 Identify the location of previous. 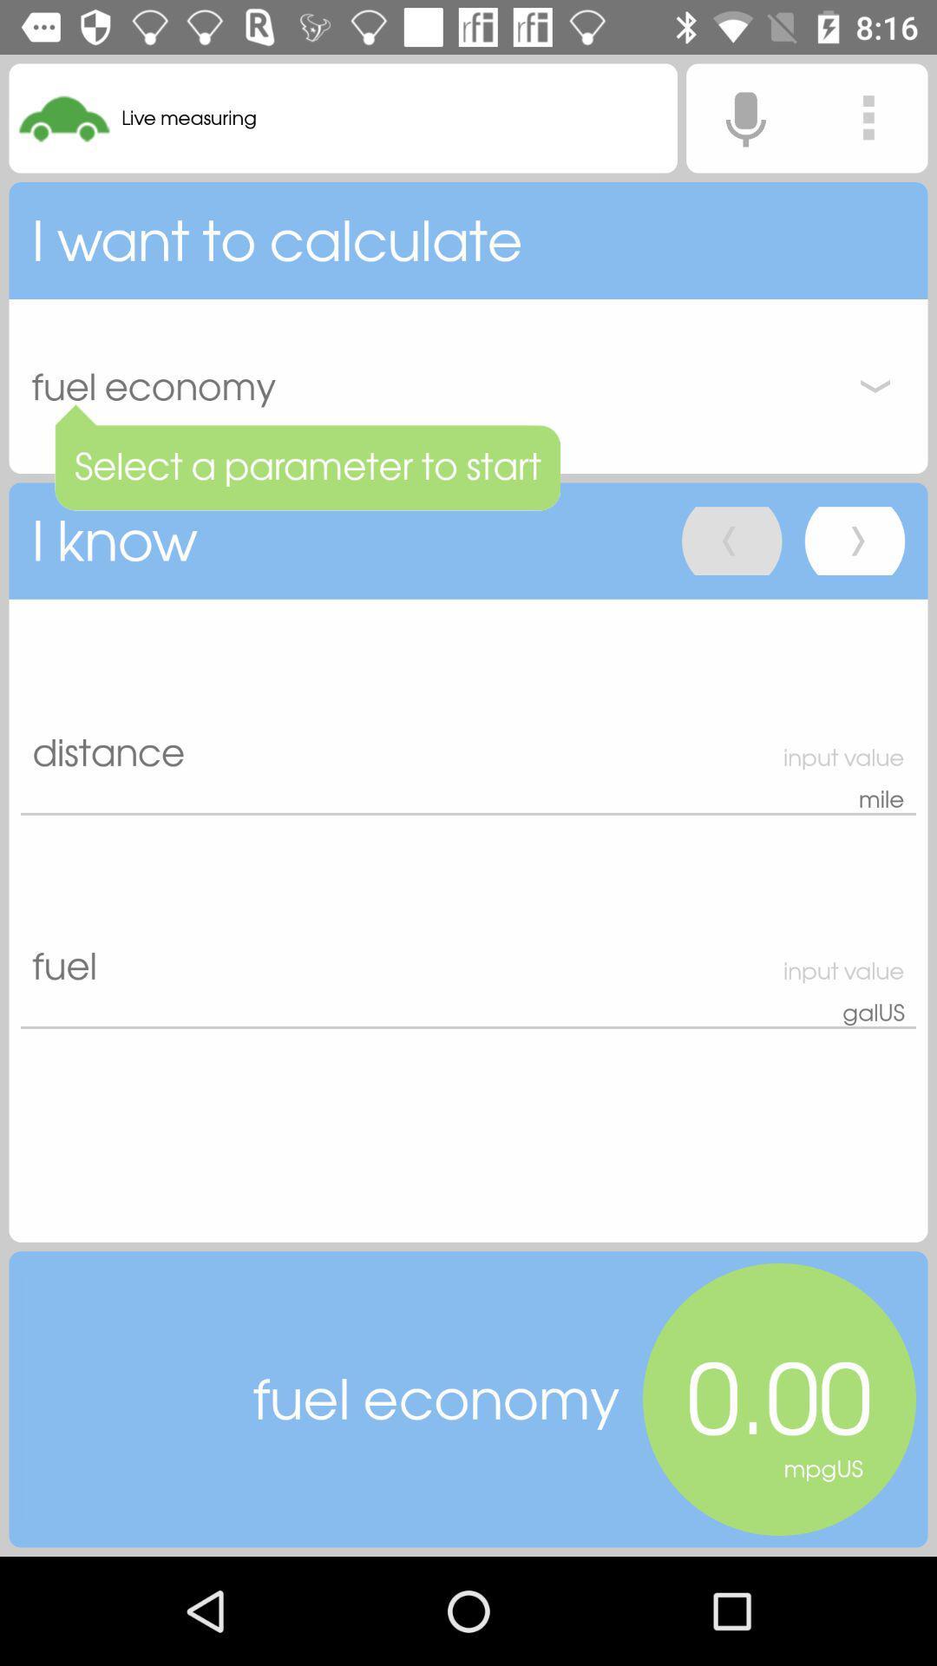
(731, 540).